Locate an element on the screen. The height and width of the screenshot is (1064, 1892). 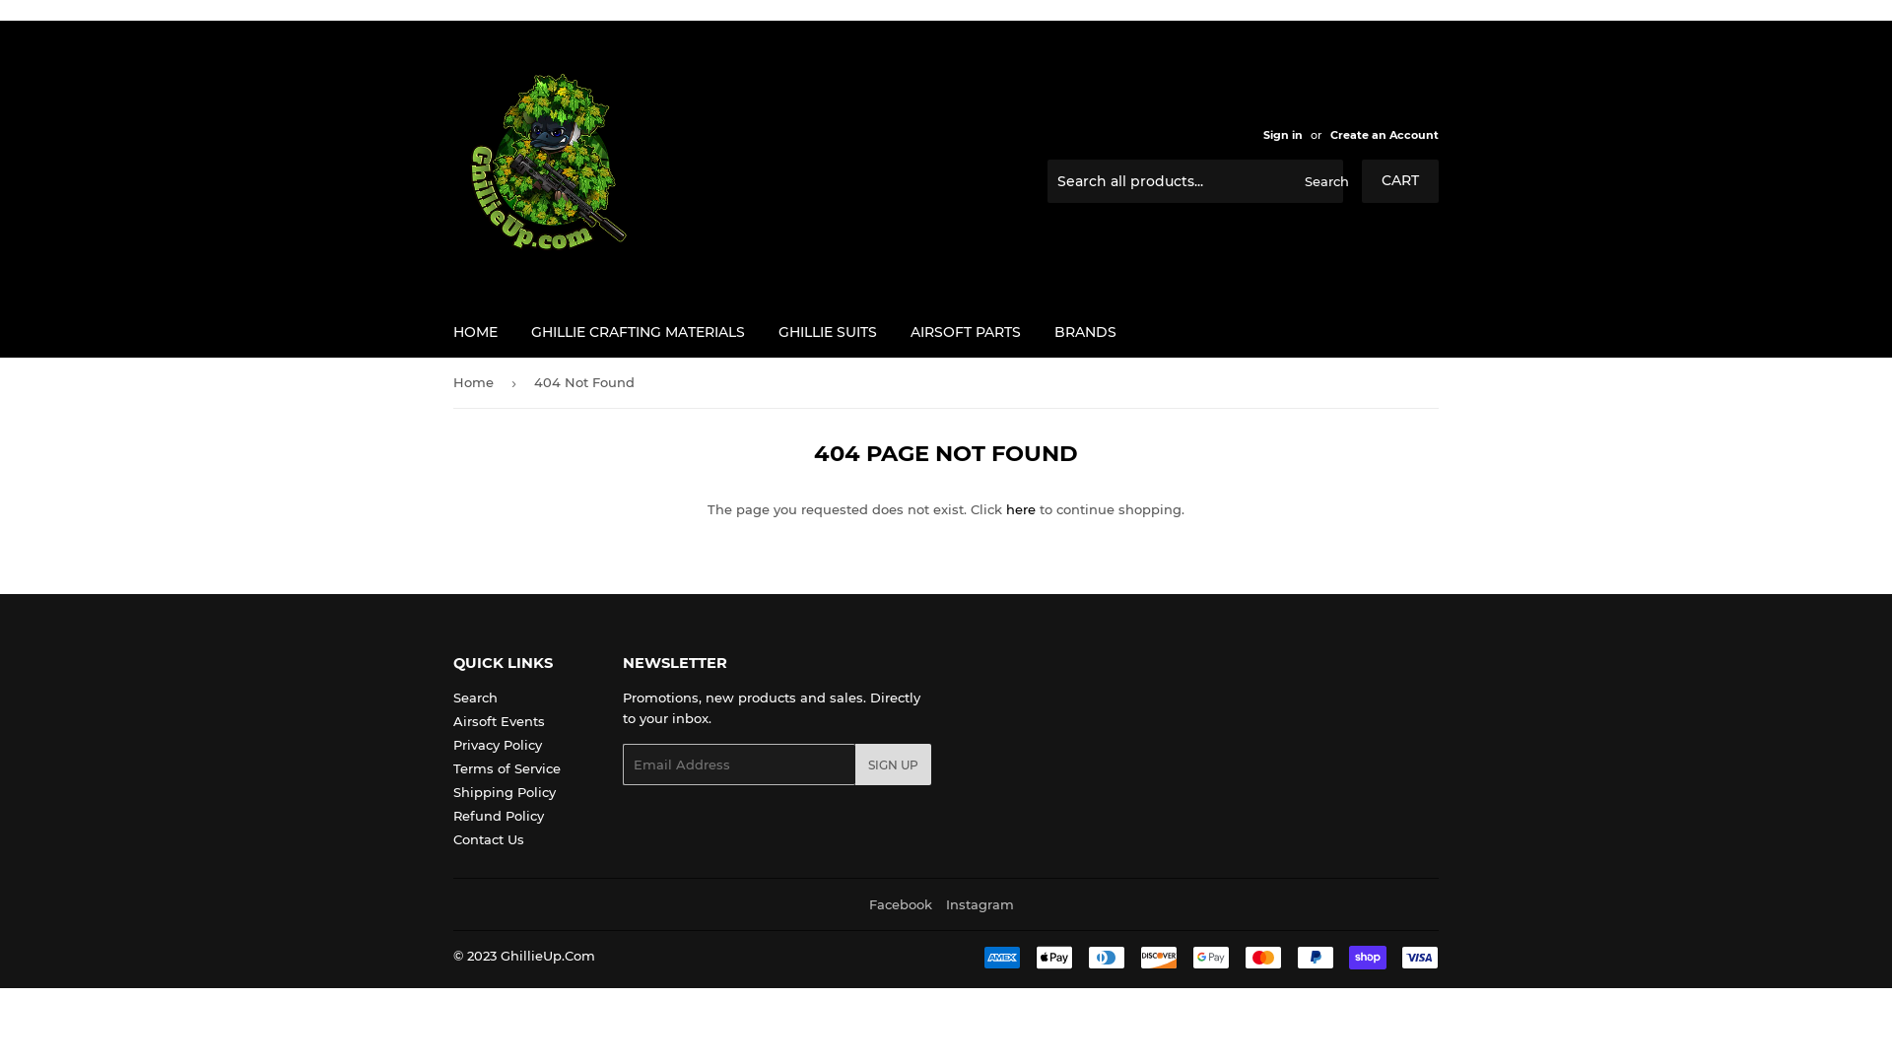
'Privacy Policy' is located at coordinates (497, 745).